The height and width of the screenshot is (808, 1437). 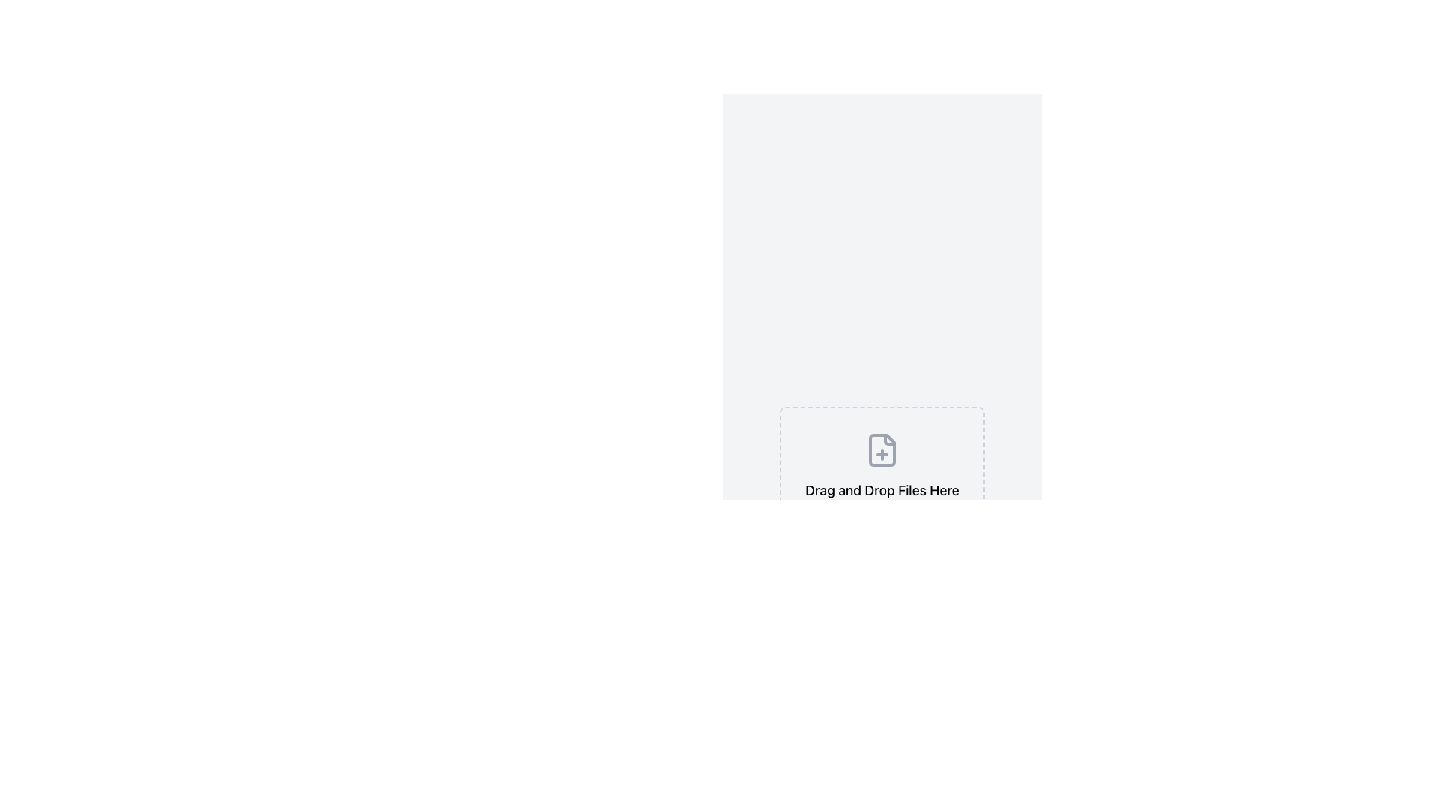 I want to click on the file upload icon, which is centrally located above the text 'Drag and Drop Files Here', so click(x=882, y=449).